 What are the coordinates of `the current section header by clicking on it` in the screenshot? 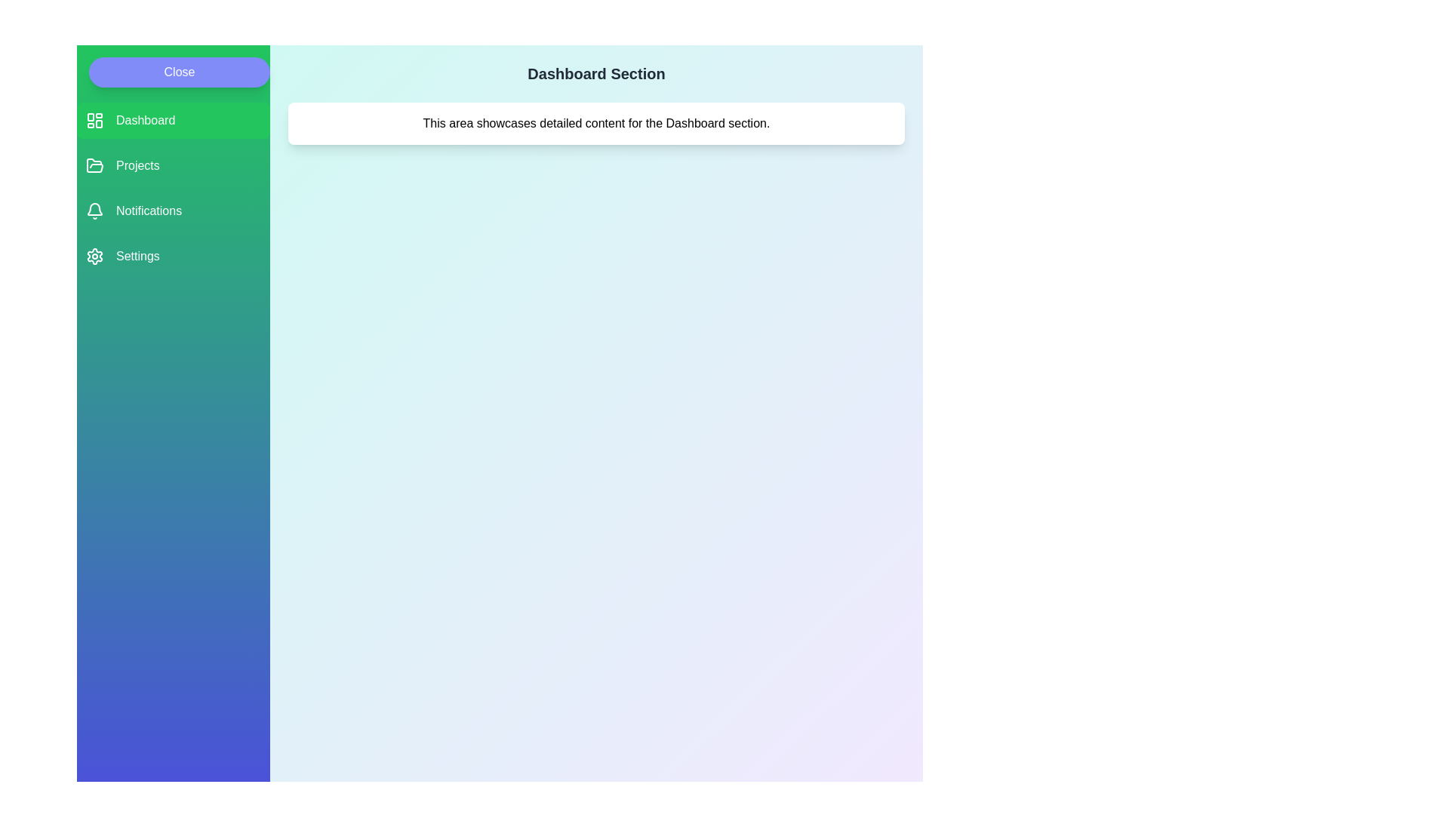 It's located at (595, 73).